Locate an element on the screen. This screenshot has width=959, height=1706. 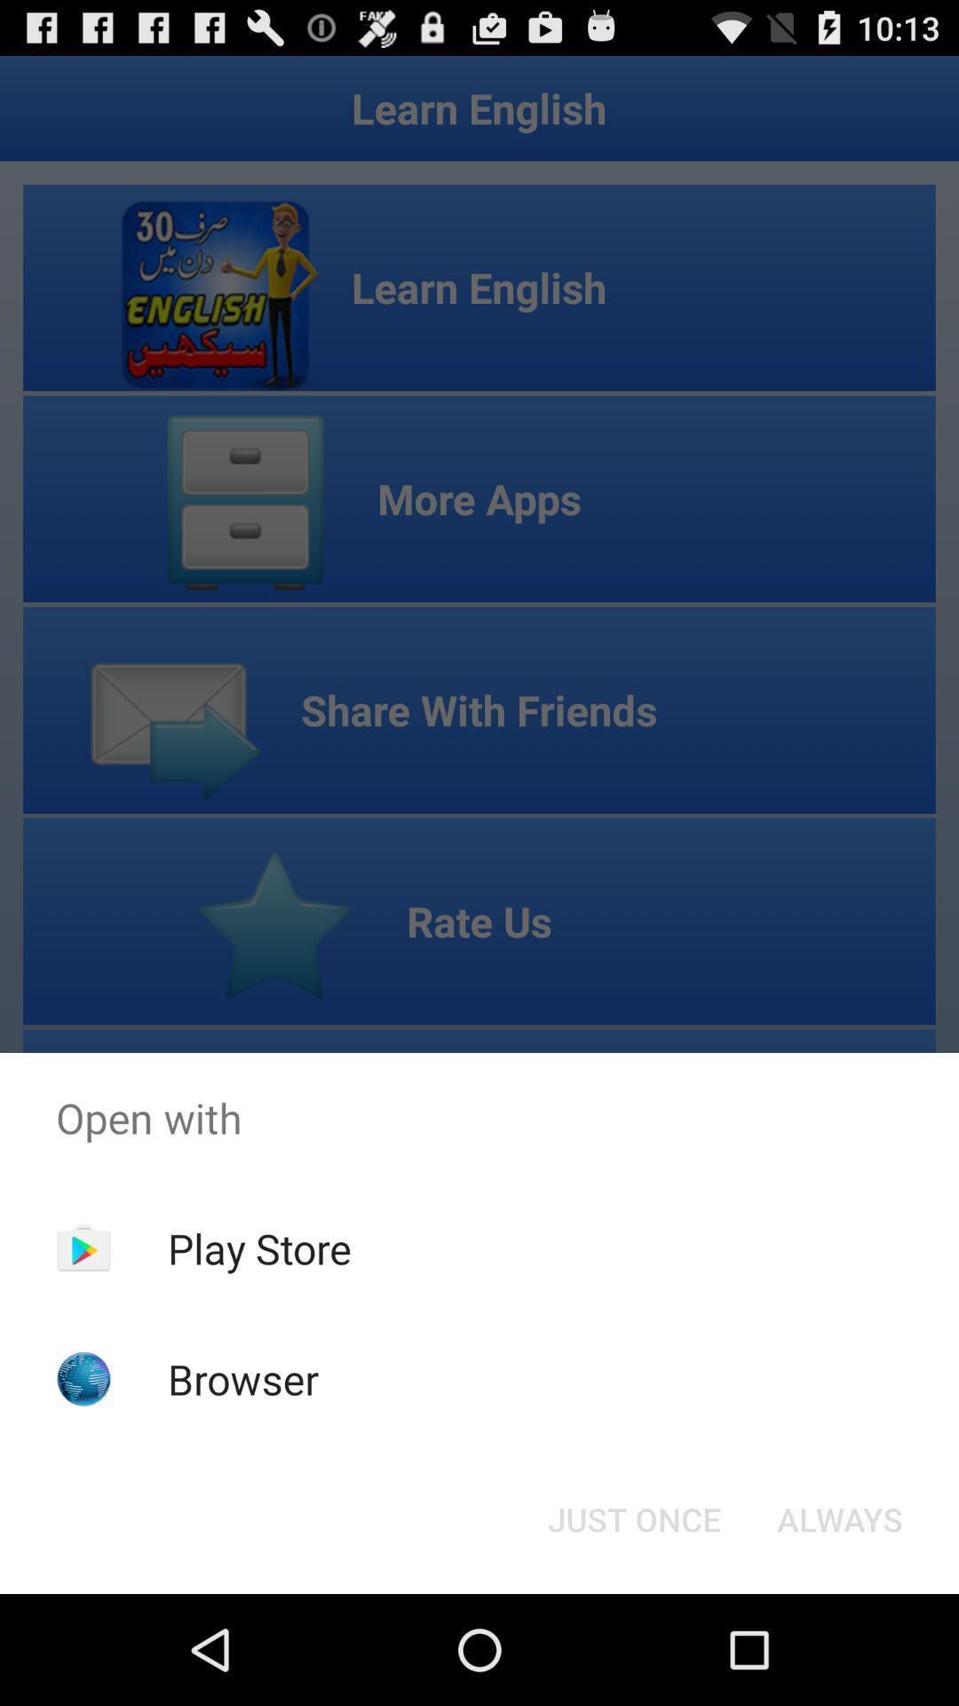
the play store is located at coordinates (259, 1248).